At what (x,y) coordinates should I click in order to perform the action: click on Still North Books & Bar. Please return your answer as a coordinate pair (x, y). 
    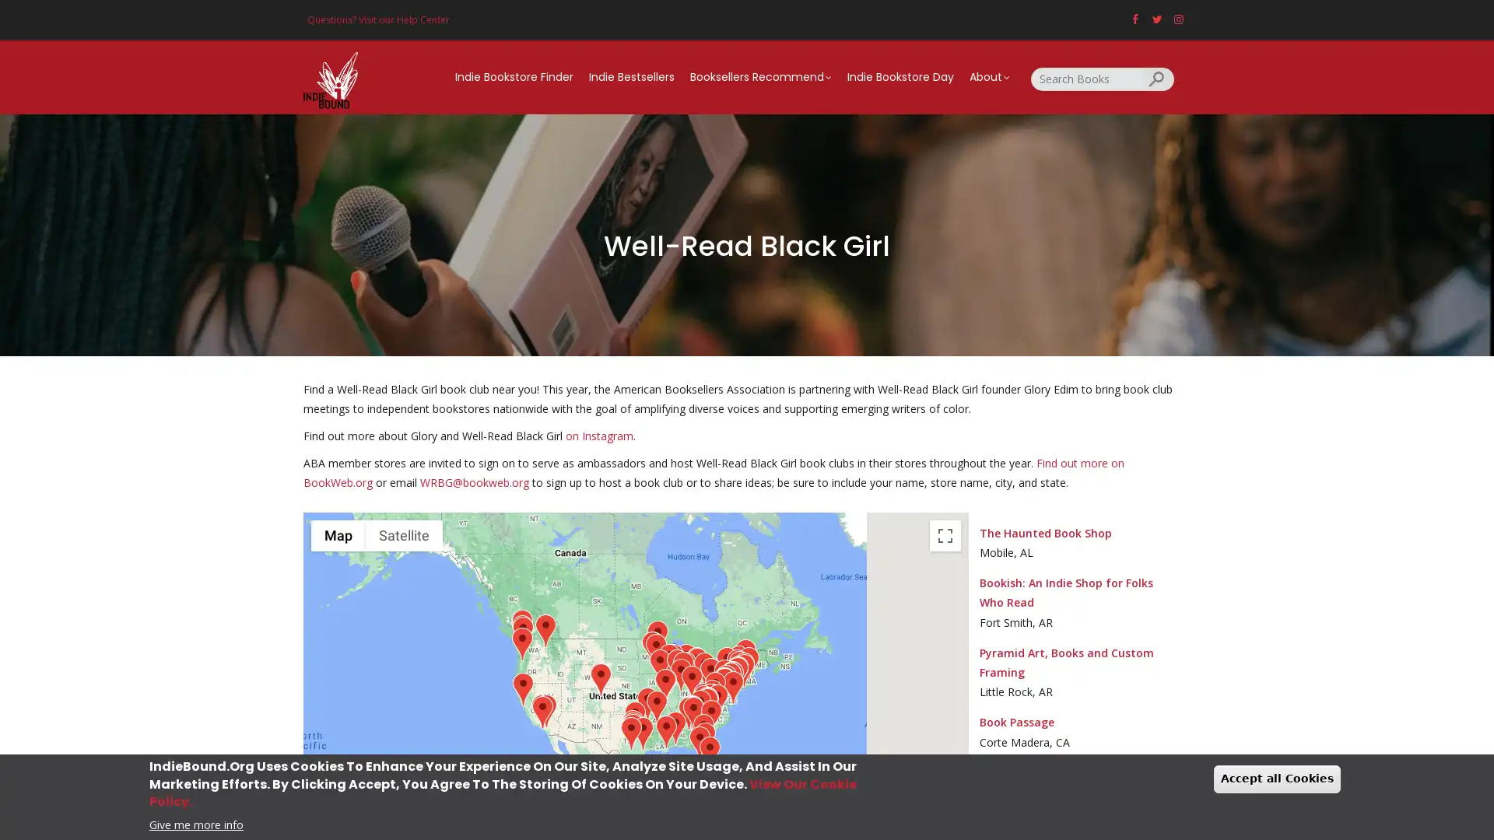
    Looking at the image, I should click on (744, 655).